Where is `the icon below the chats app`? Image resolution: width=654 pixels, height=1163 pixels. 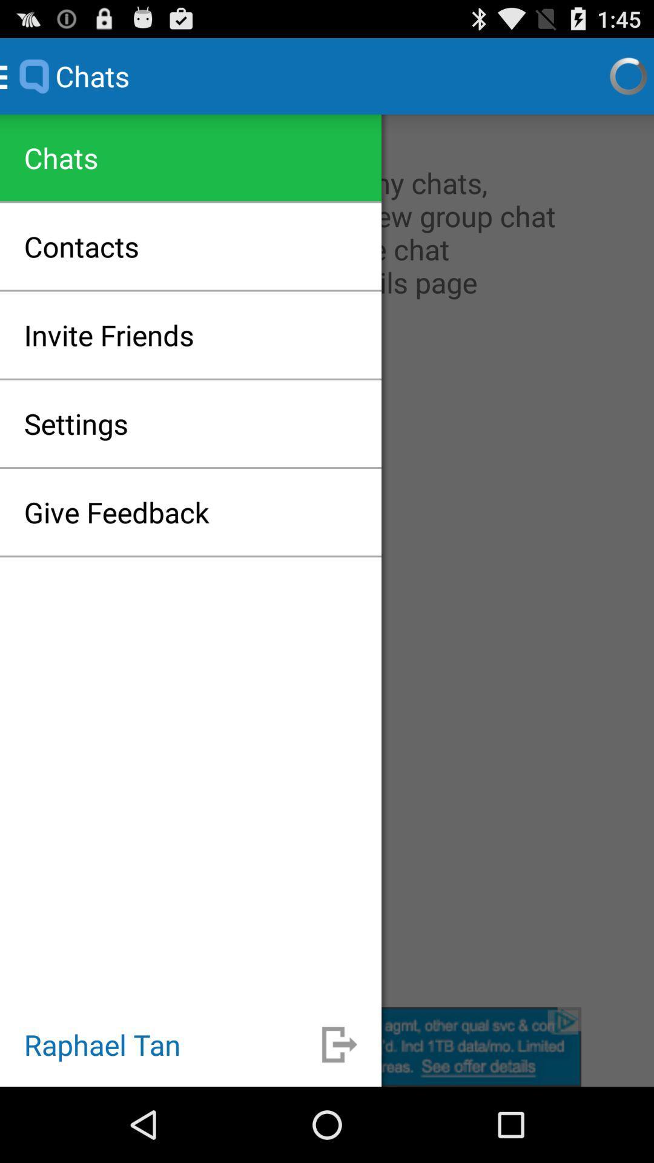
the icon below the chats app is located at coordinates (327, 560).